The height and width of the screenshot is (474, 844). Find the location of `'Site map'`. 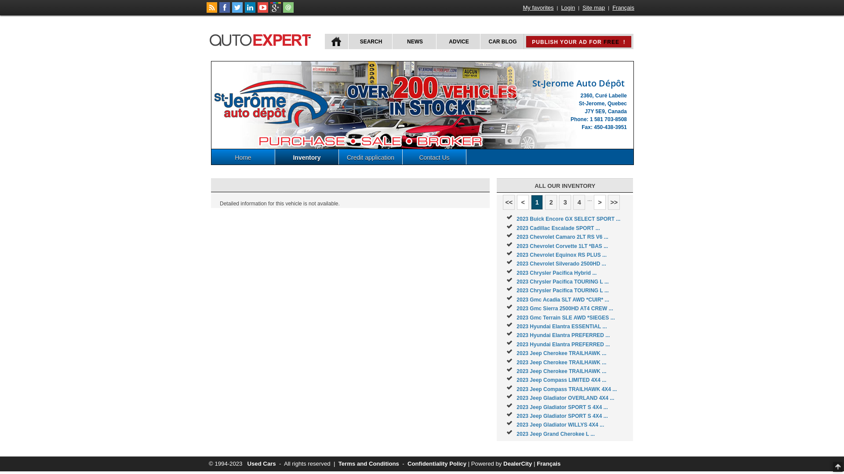

'Site map' is located at coordinates (582, 7).